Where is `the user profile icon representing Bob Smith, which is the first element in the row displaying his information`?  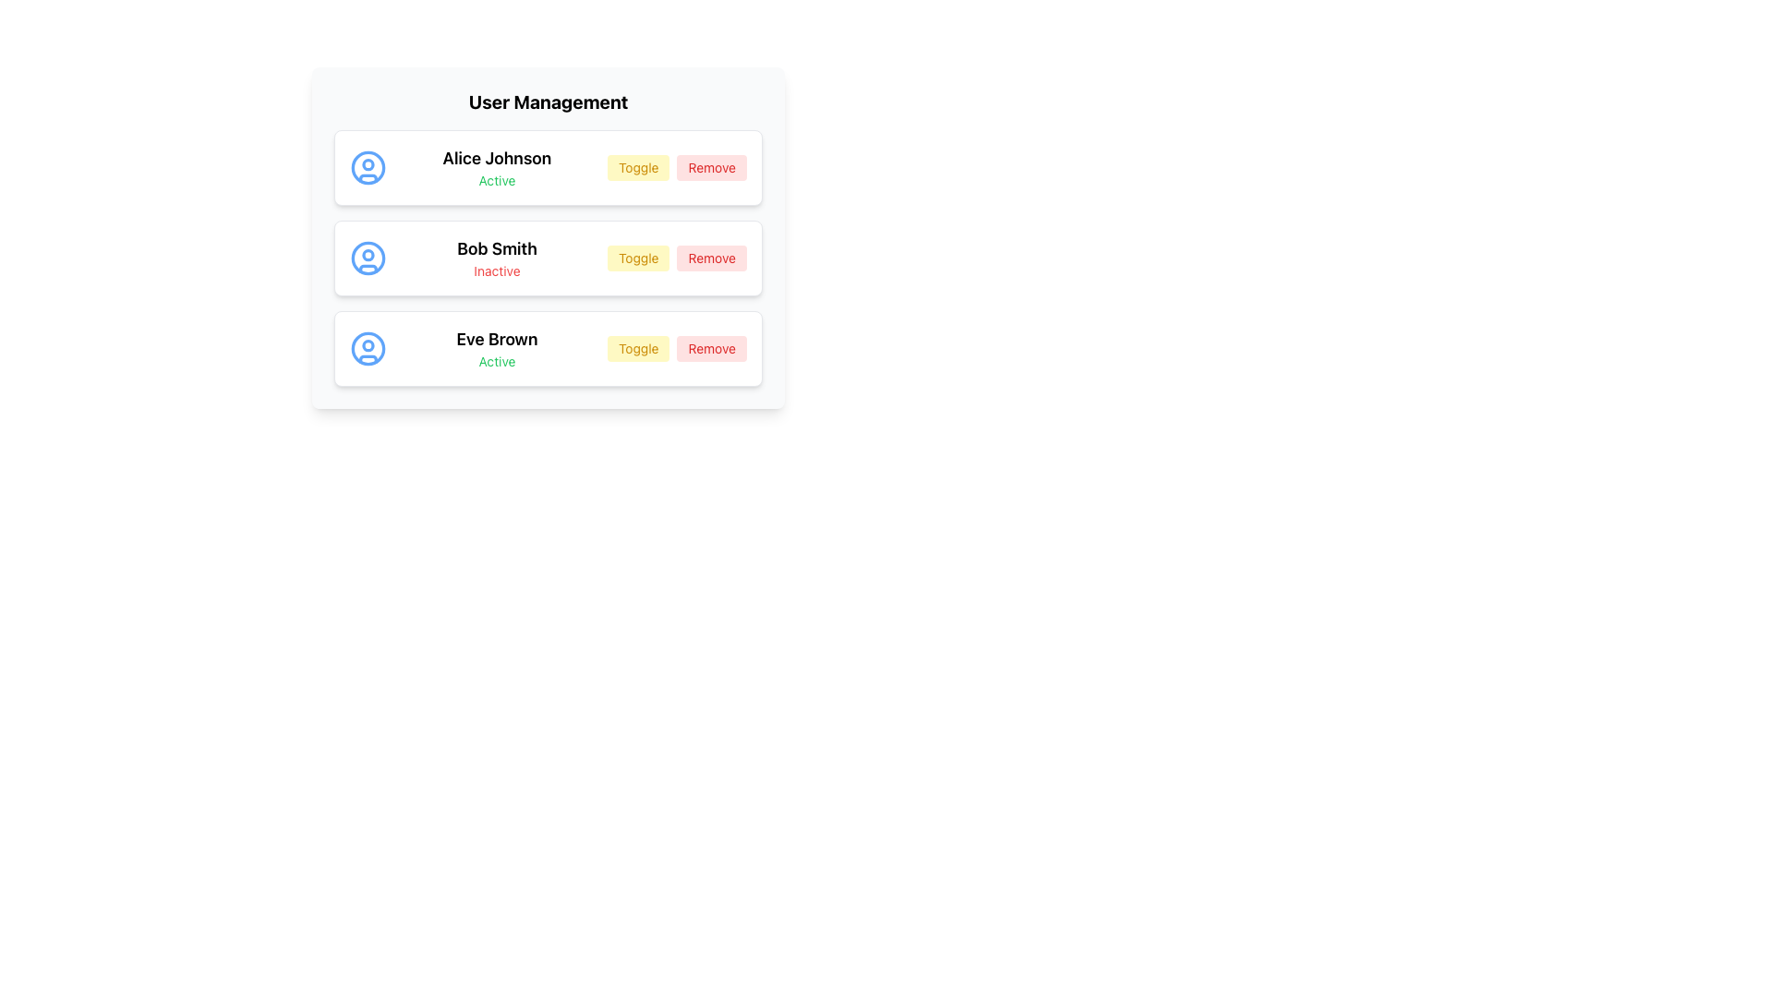
the user profile icon representing Bob Smith, which is the first element in the row displaying his information is located at coordinates (368, 258).